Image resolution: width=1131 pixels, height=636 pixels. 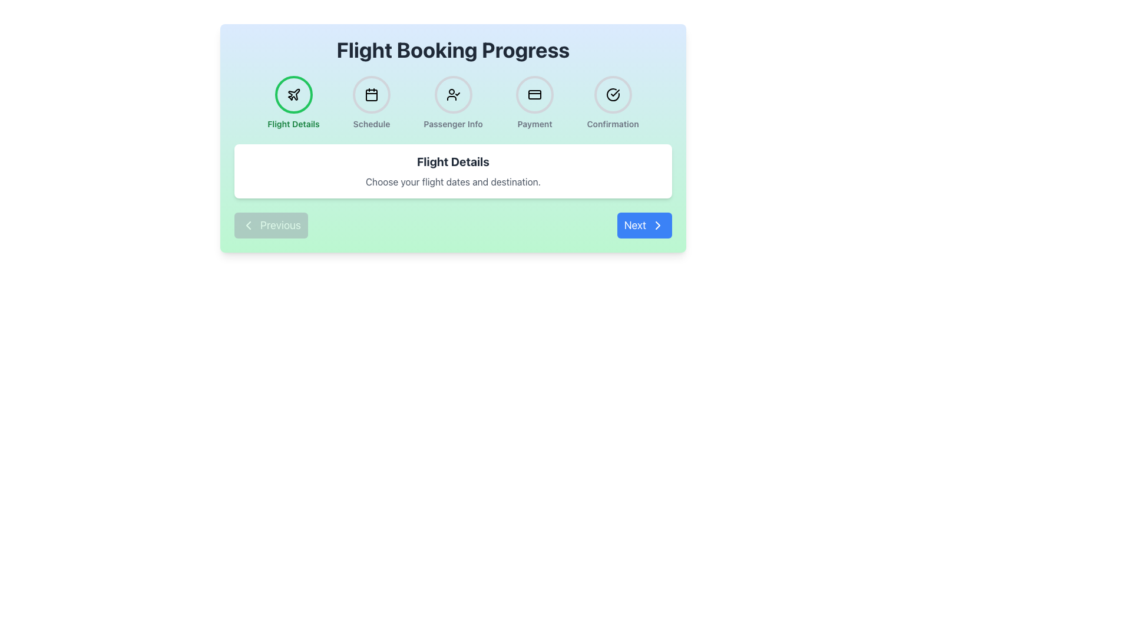 I want to click on the 'Previous' button, which is a rectangular button with rounded corners, gray background, and white text, located in the bottom-left section of the card adjacent to 'Flight Details', so click(x=270, y=225).